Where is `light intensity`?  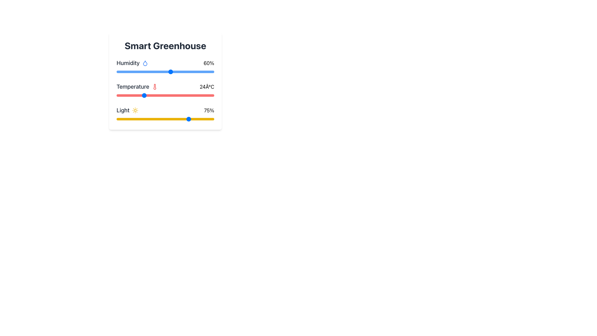 light intensity is located at coordinates (138, 119).